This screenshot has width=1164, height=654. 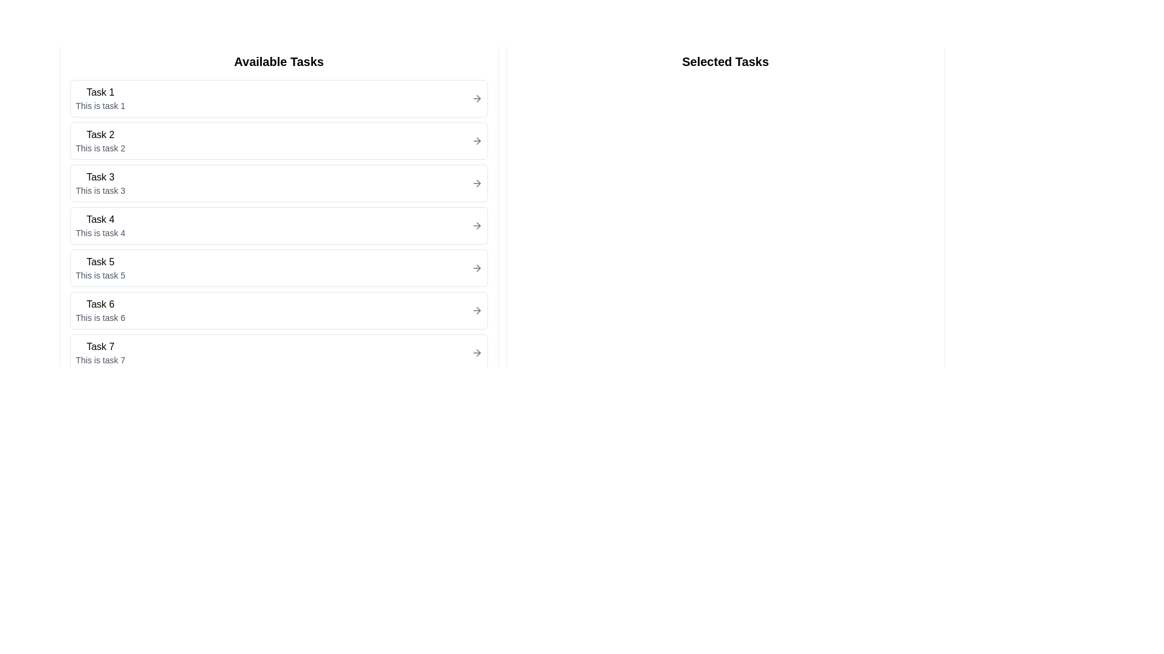 I want to click on the arrow icon located on the right side of the second task entry under the 'Available Tasks' column, so click(x=476, y=140).